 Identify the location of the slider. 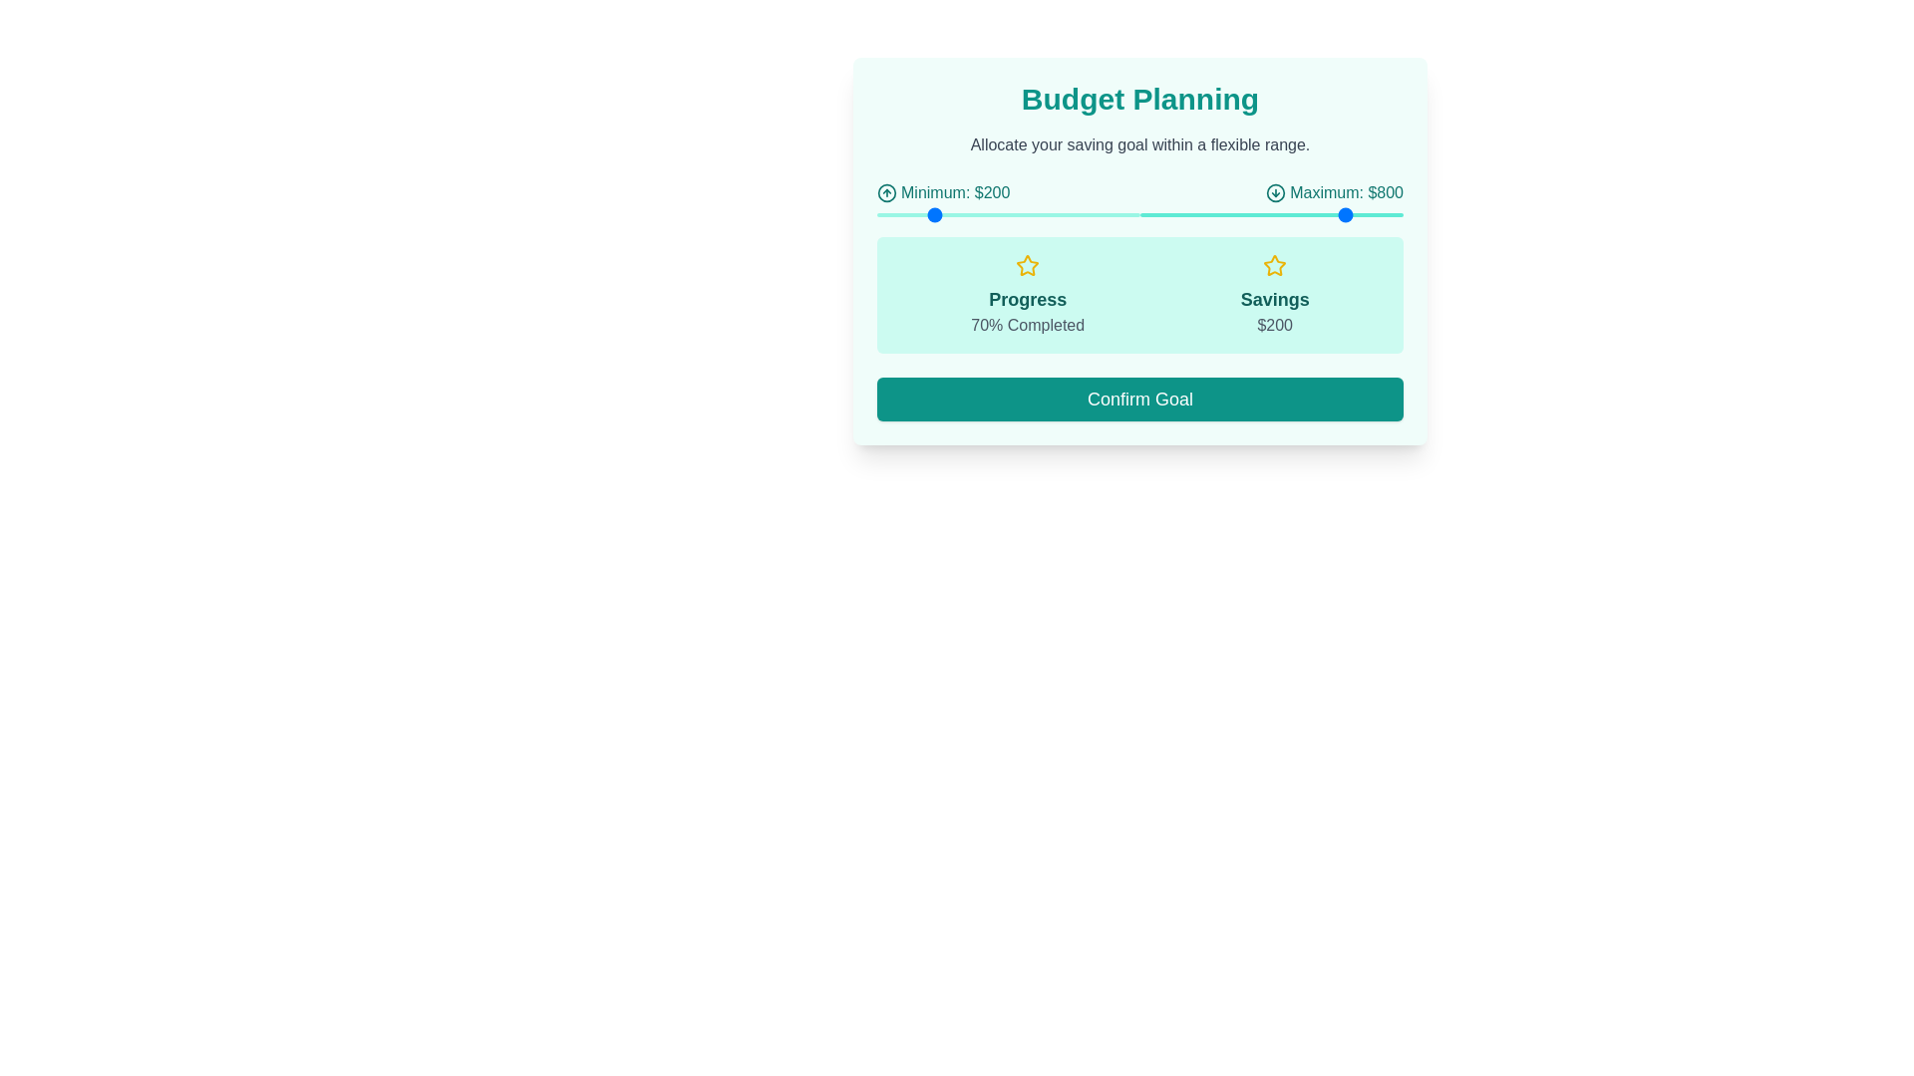
(1179, 215).